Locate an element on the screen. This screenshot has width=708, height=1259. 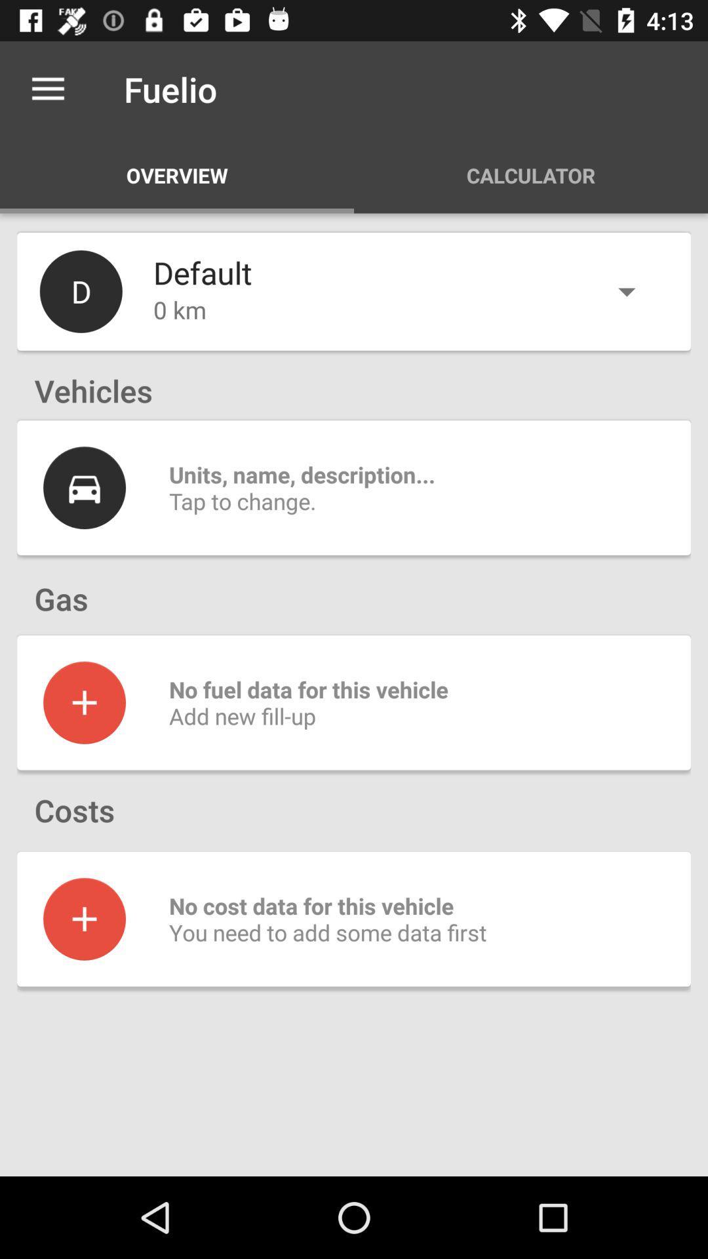
open details of subject is located at coordinates (84, 487).